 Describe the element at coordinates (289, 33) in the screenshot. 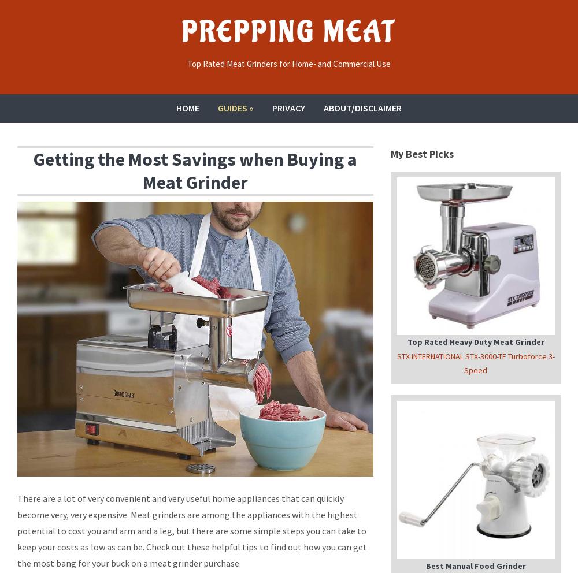

I see `'Prepping Meat'` at that location.